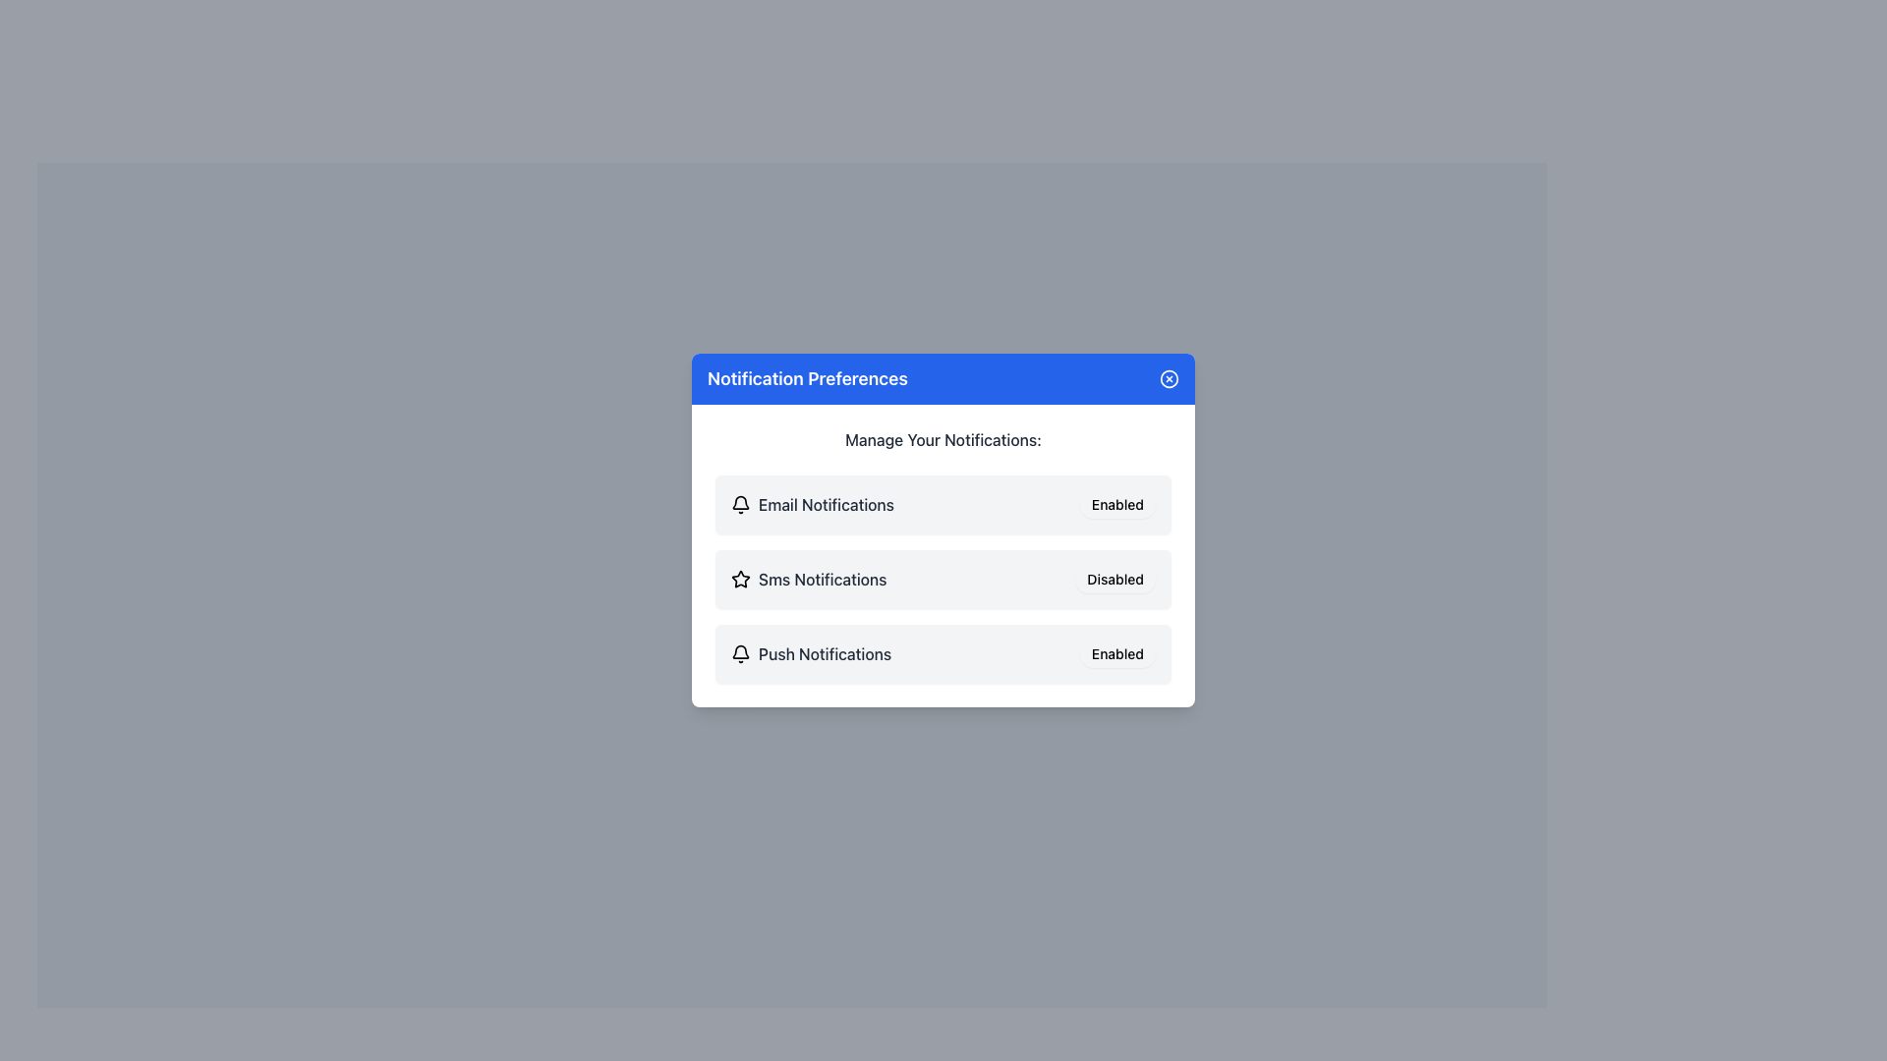 This screenshot has width=1887, height=1061. What do you see at coordinates (1117, 503) in the screenshot?
I see `the 'Enabled' button located on the right side of the 'Email Notifications' row in the 'Notification Preferences' panel` at bounding box center [1117, 503].